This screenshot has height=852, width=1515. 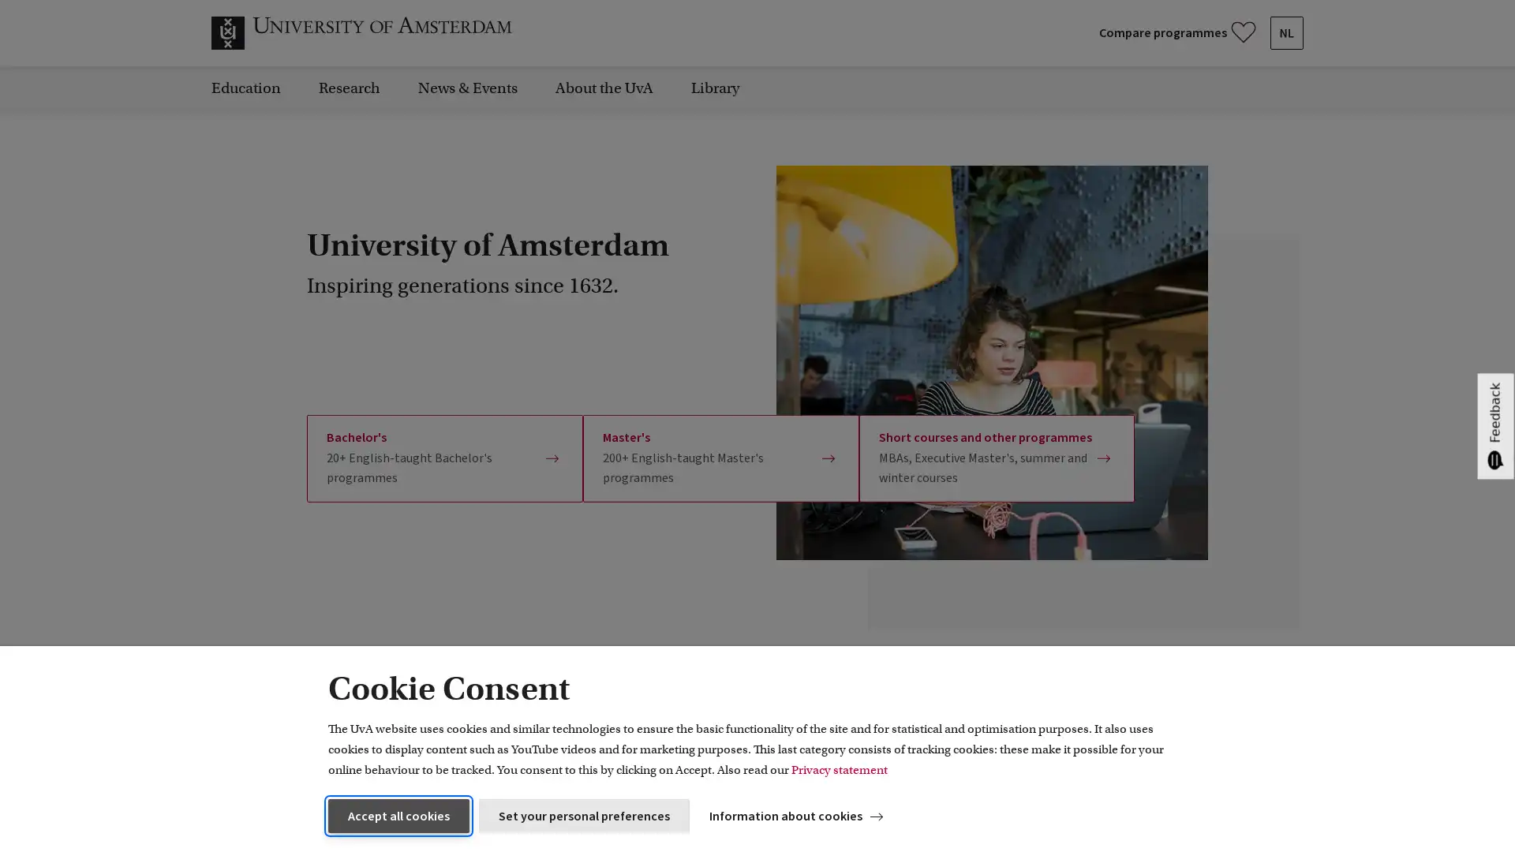 I want to click on Feedback, so click(x=1494, y=426).